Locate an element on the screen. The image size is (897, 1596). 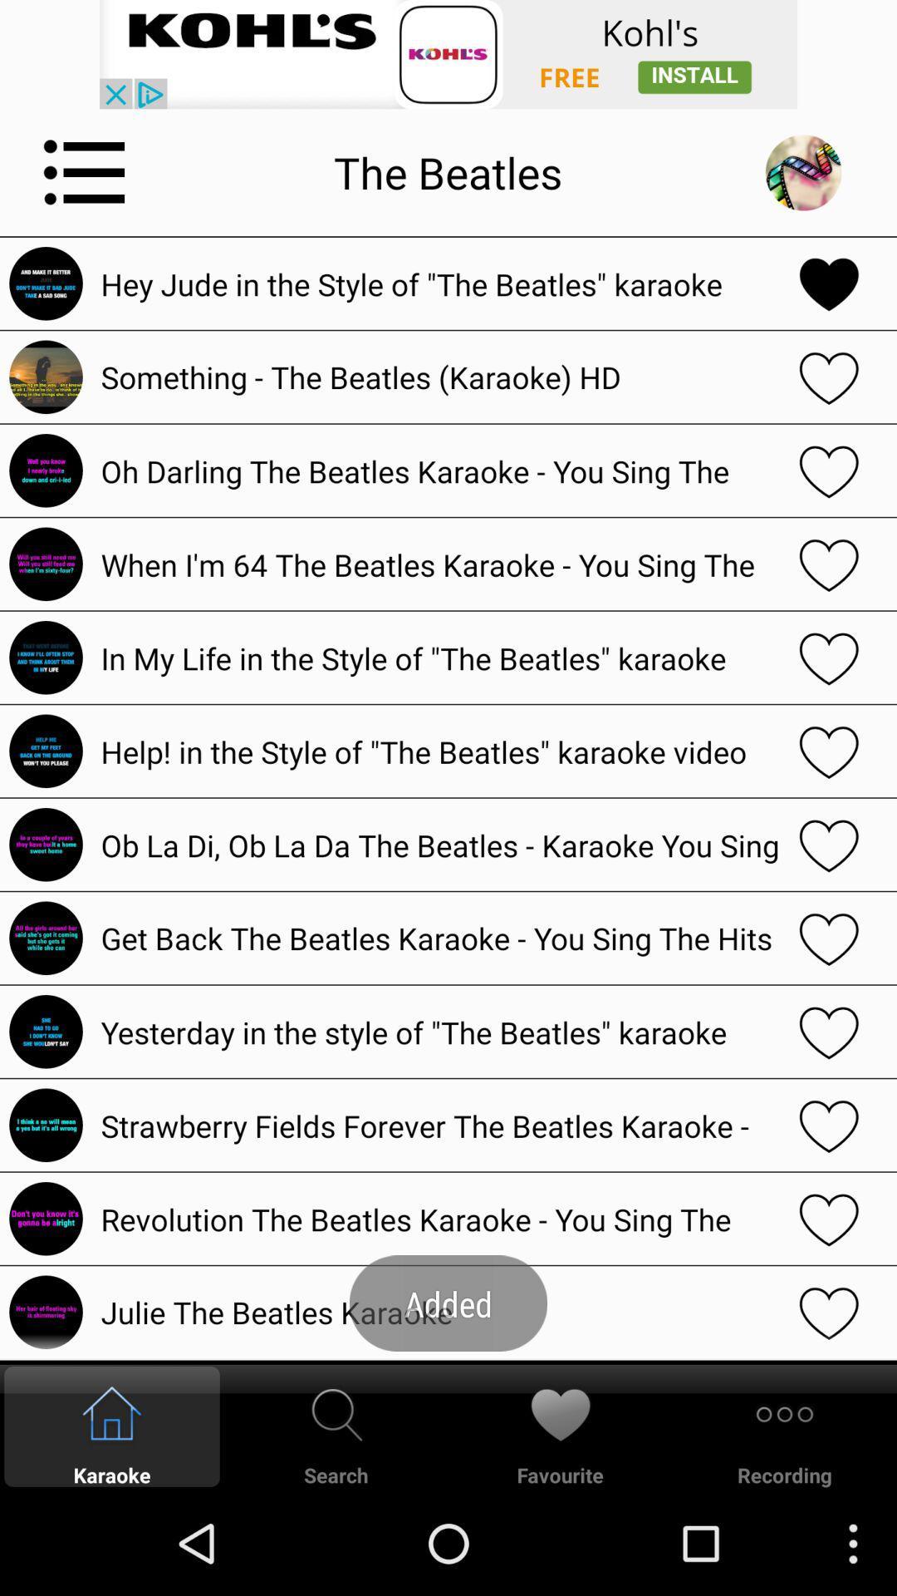
favourite button is located at coordinates (829, 1031).